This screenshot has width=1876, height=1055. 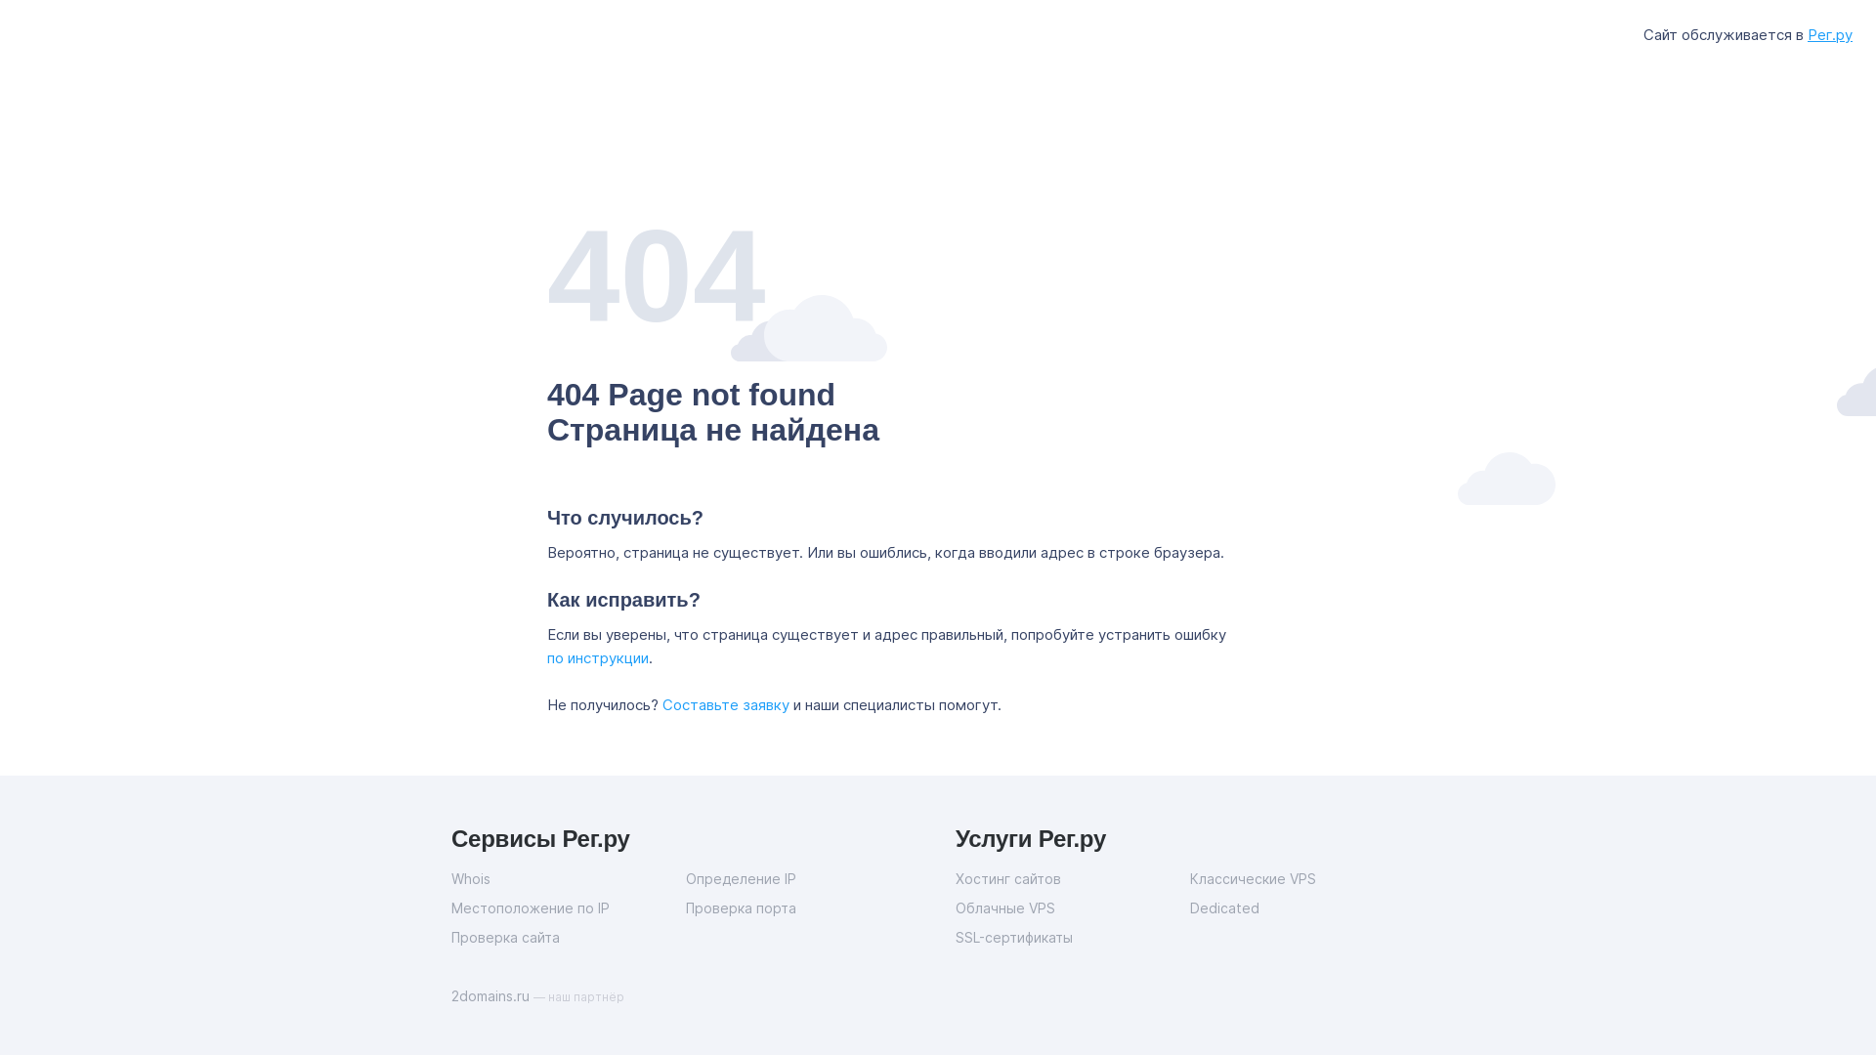 I want to click on 'Whois', so click(x=567, y=877).